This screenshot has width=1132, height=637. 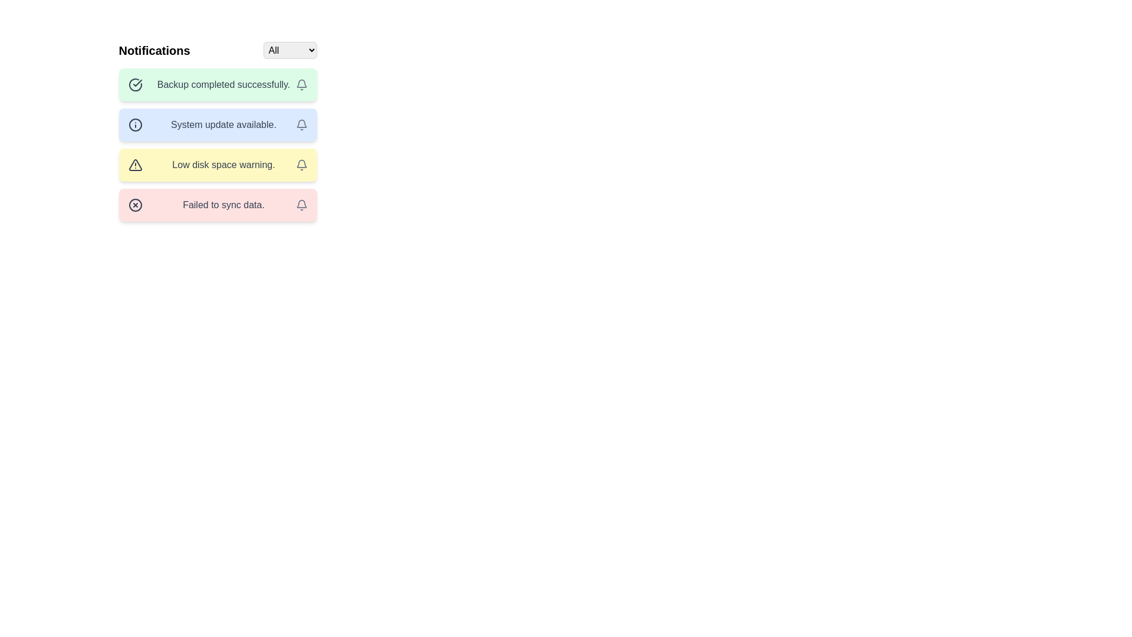 What do you see at coordinates (137, 83) in the screenshot?
I see `the icon that visually indicates completion or success, located within the SVG icon of the notification titled 'Backup completed successfully'` at bounding box center [137, 83].